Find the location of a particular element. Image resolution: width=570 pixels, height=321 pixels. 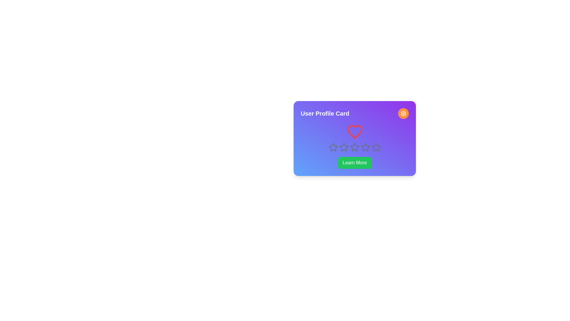

the third gray outlined star icon in the row of rating stars to rate it is located at coordinates (354, 147).